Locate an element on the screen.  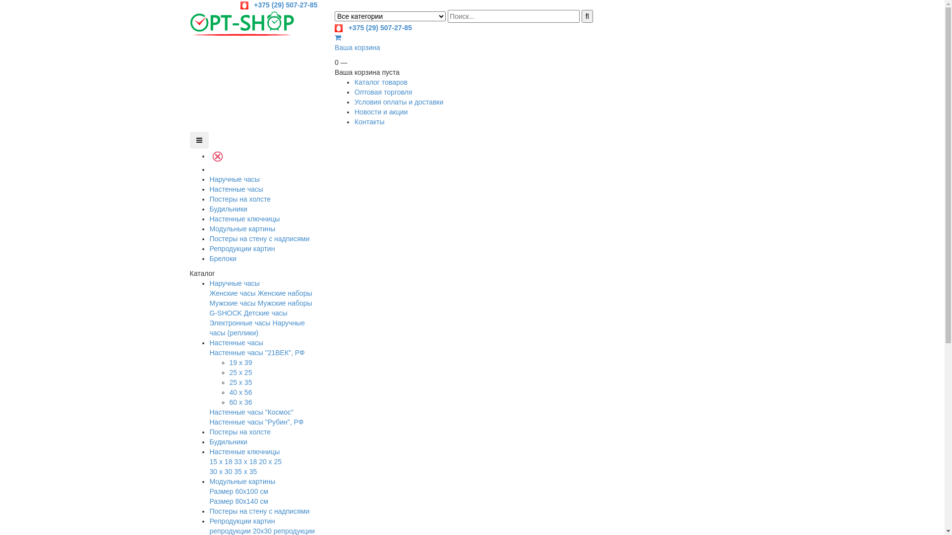
'  +375 (29) 507-27-85' is located at coordinates (278, 5).